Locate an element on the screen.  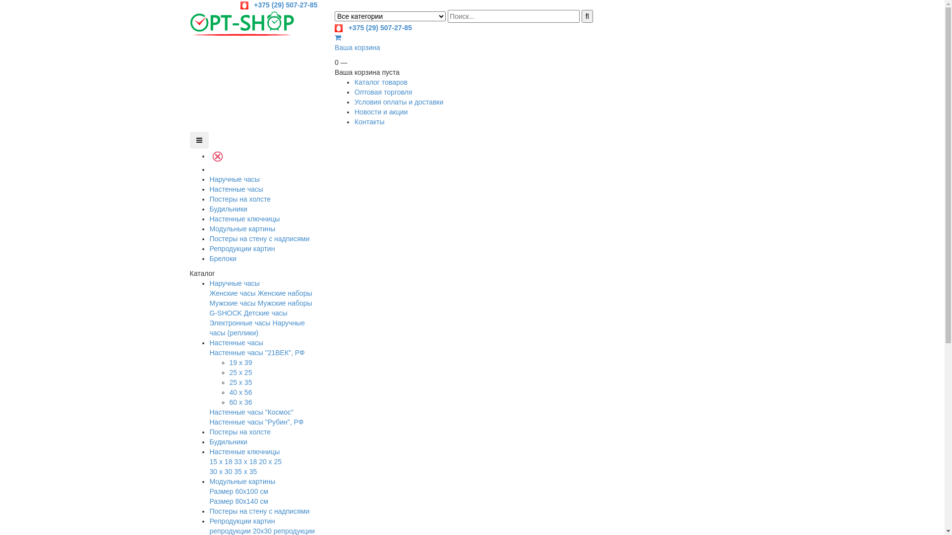
'  +375 (29) 507-27-85' is located at coordinates (278, 5).